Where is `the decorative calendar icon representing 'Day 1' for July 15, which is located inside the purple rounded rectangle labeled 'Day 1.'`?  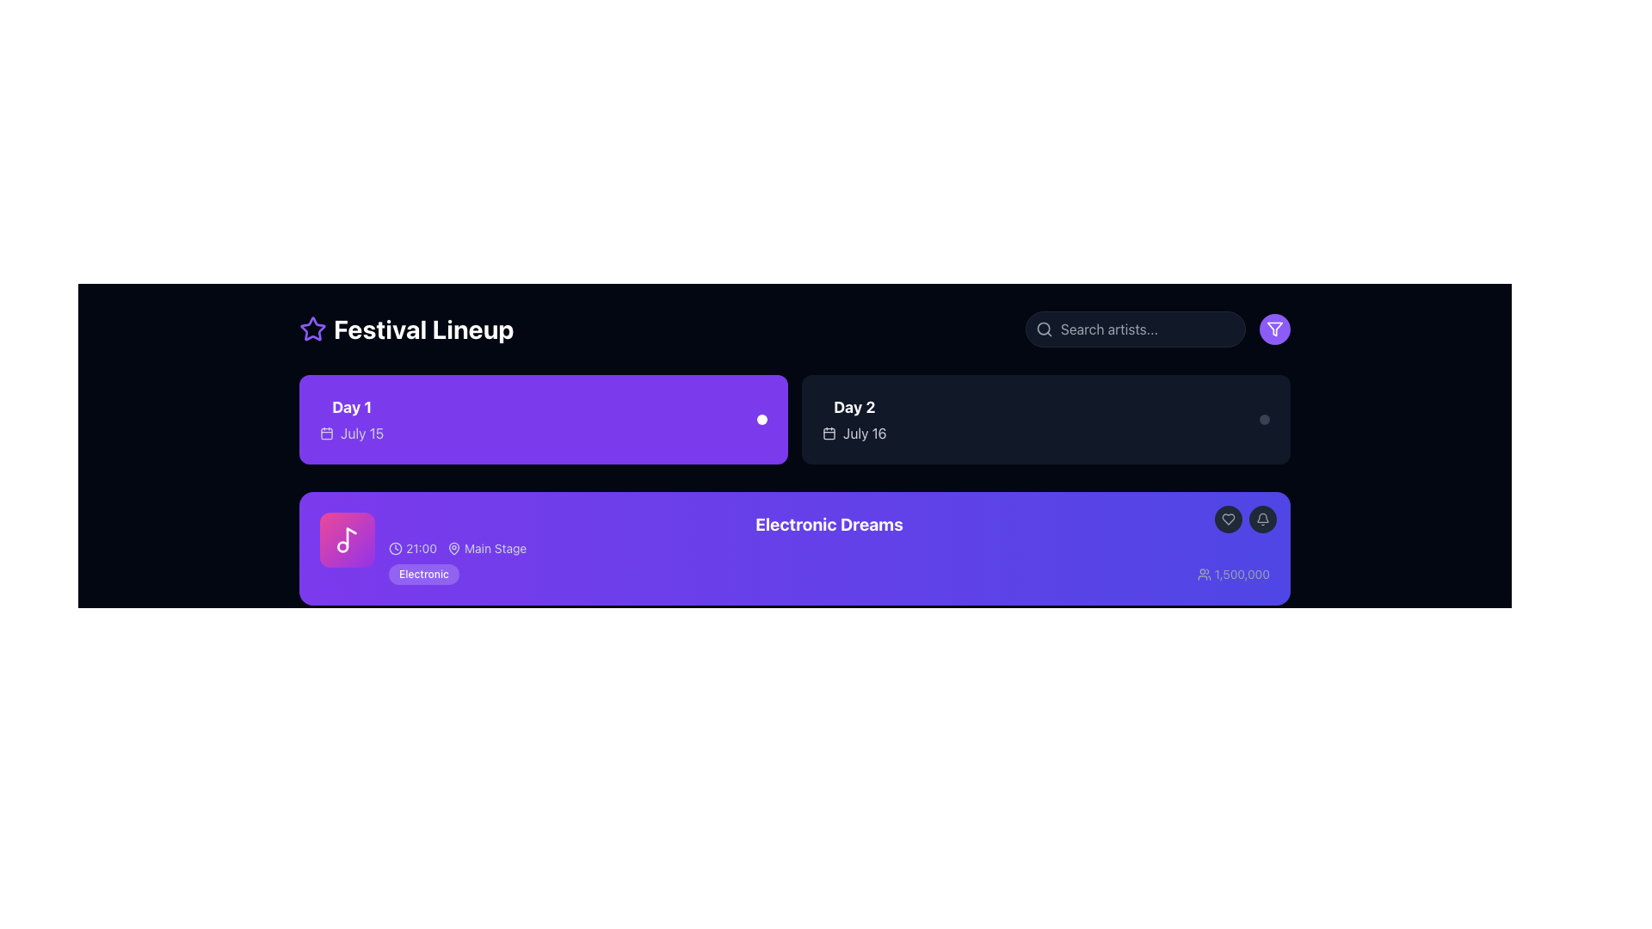 the decorative calendar icon representing 'Day 1' for July 15, which is located inside the purple rounded rectangle labeled 'Day 1.' is located at coordinates (326, 433).